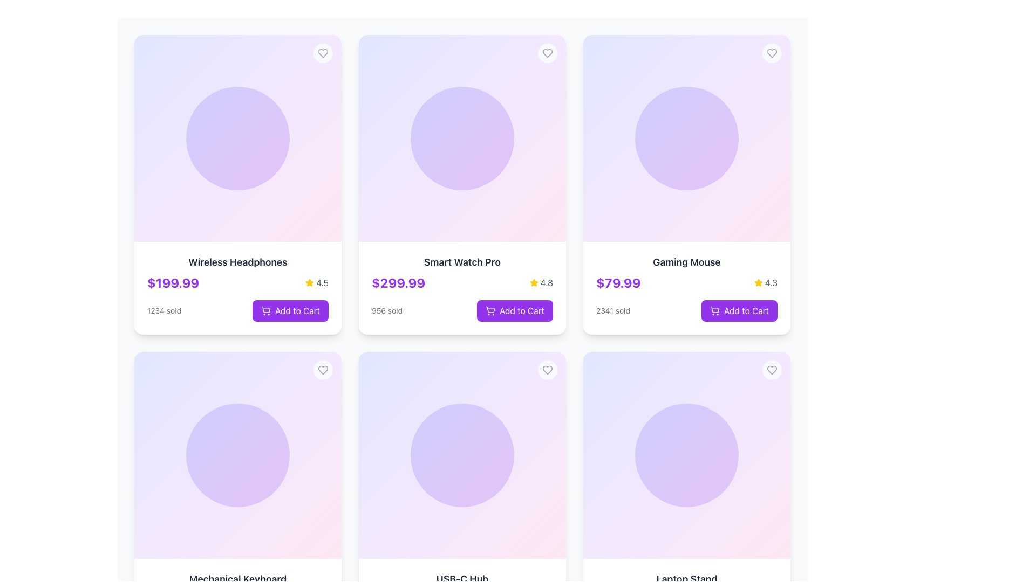 This screenshot has width=1036, height=582. I want to click on the 'Add to Cart' text label within the interactive button for the 'Gaming Mouse' product card to observe its interactive styles, so click(746, 311).